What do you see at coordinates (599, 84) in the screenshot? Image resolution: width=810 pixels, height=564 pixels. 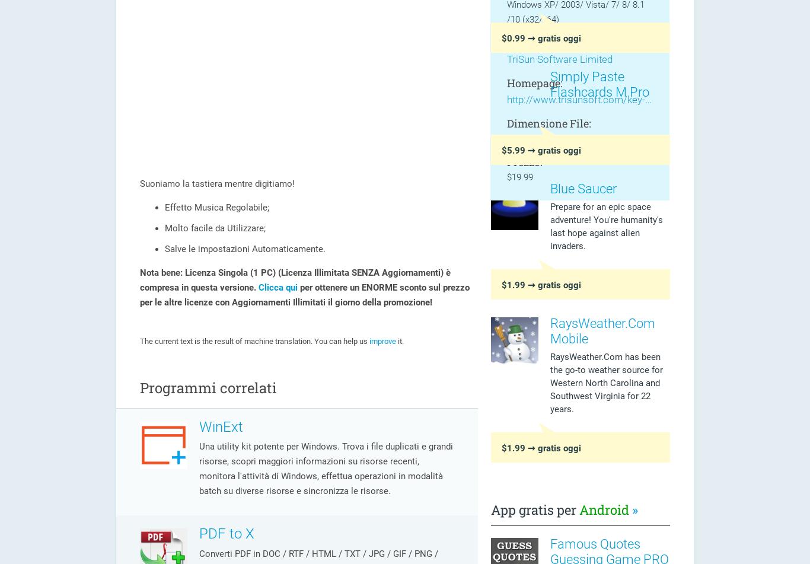 I see `'Simply Paste Flashcards M Pro'` at bounding box center [599, 84].